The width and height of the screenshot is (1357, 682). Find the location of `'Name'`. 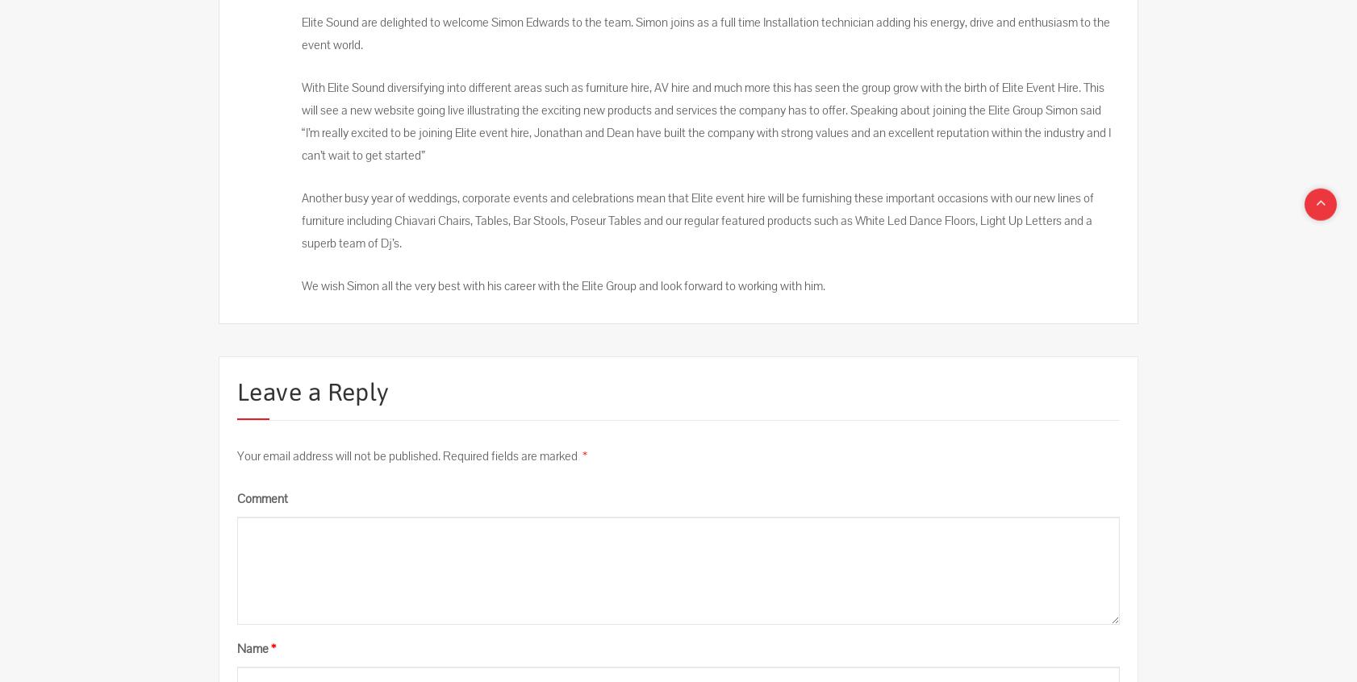

'Name' is located at coordinates (252, 648).